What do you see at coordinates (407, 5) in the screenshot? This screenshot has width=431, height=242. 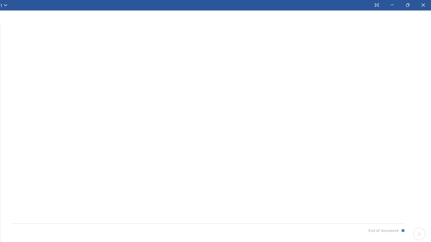 I see `'Restore Down'` at bounding box center [407, 5].